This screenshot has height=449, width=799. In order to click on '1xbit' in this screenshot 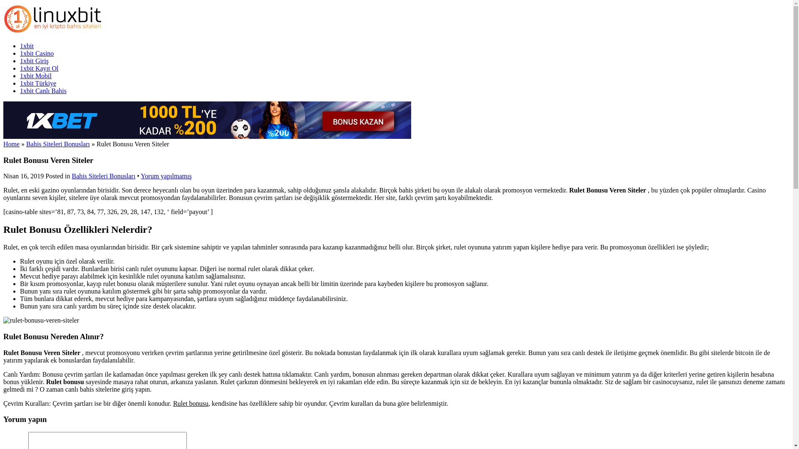, I will do `click(3, 31)`.